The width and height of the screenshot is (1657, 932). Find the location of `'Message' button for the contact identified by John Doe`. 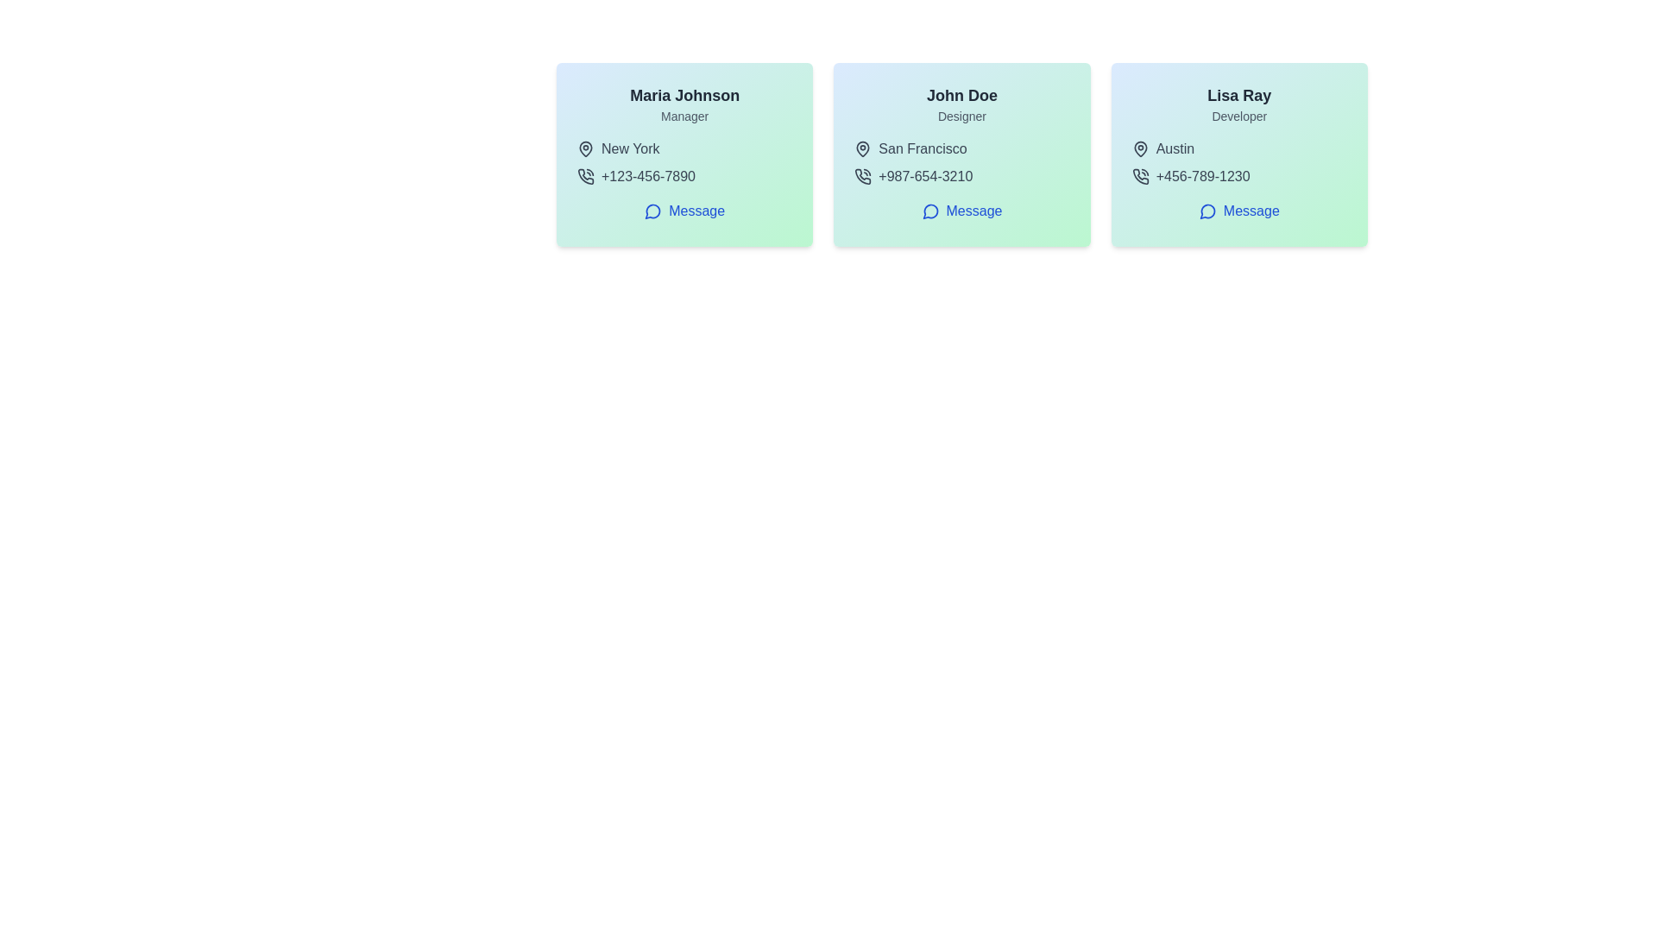

'Message' button for the contact identified by John Doe is located at coordinates (961, 211).